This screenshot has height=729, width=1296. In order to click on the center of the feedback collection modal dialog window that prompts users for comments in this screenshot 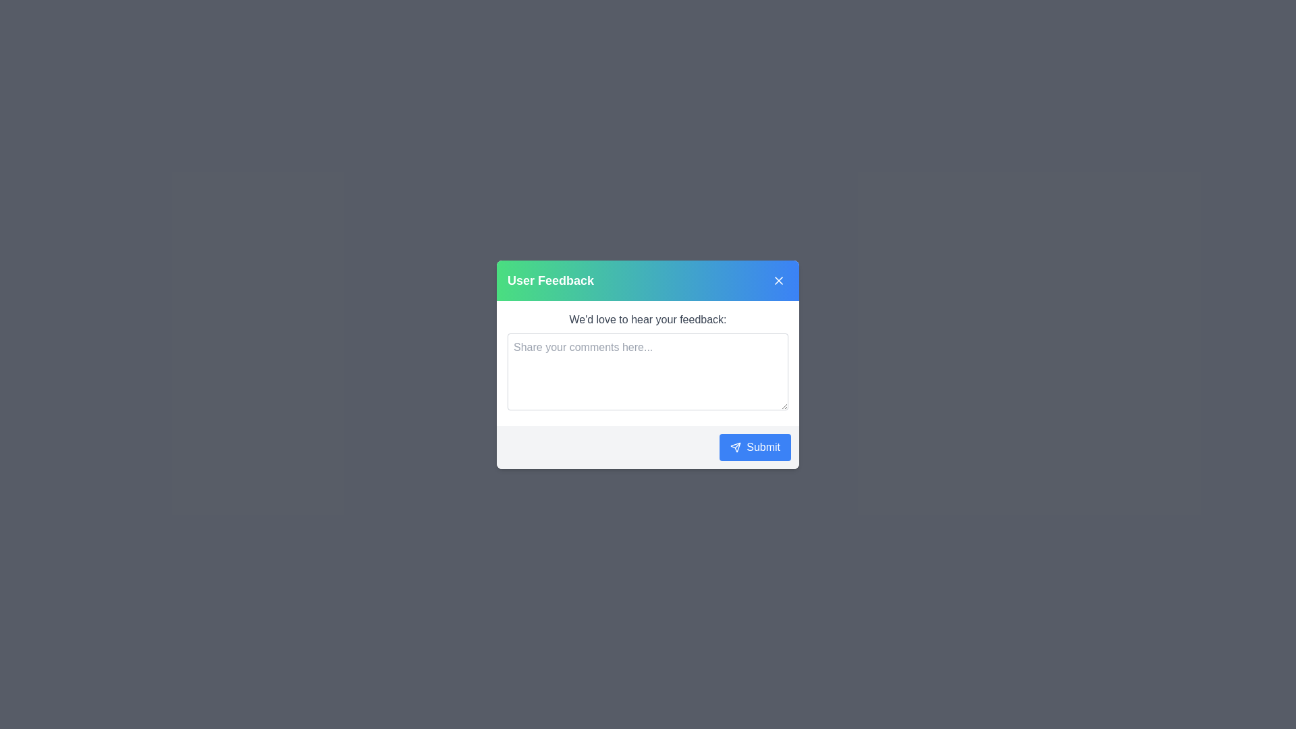, I will do `click(648, 364)`.